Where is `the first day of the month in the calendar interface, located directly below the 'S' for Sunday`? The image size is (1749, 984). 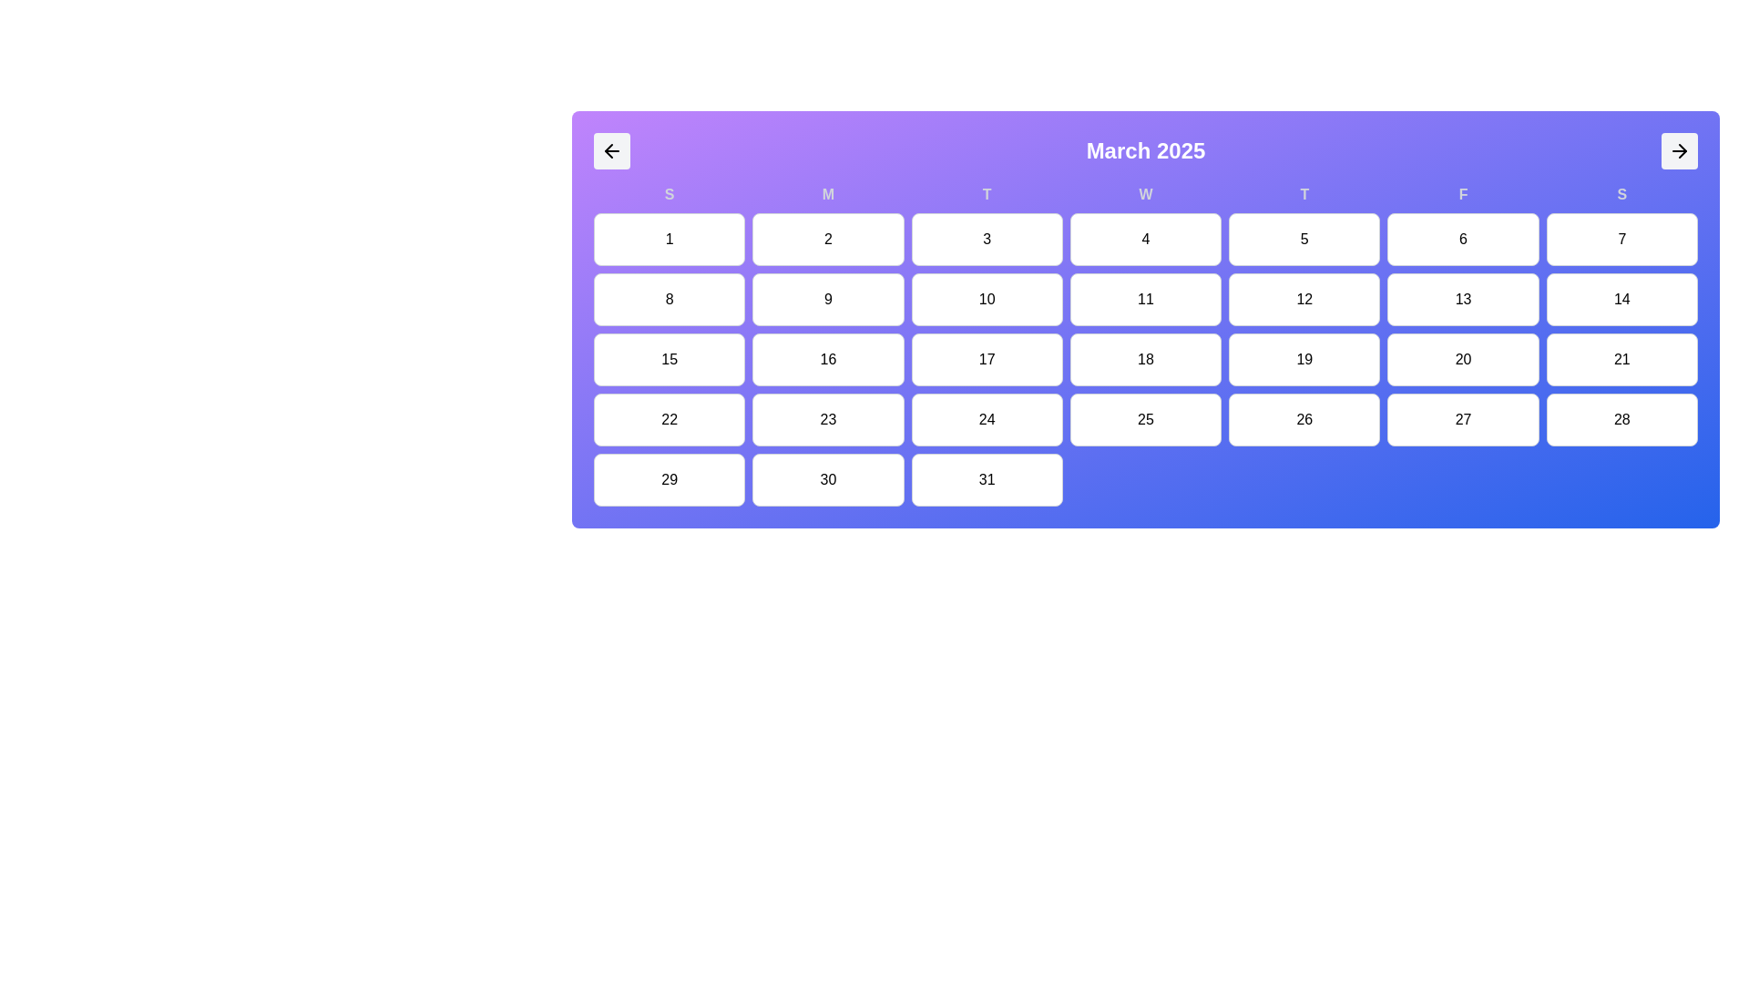 the first day of the month in the calendar interface, located directly below the 'S' for Sunday is located at coordinates (669, 238).